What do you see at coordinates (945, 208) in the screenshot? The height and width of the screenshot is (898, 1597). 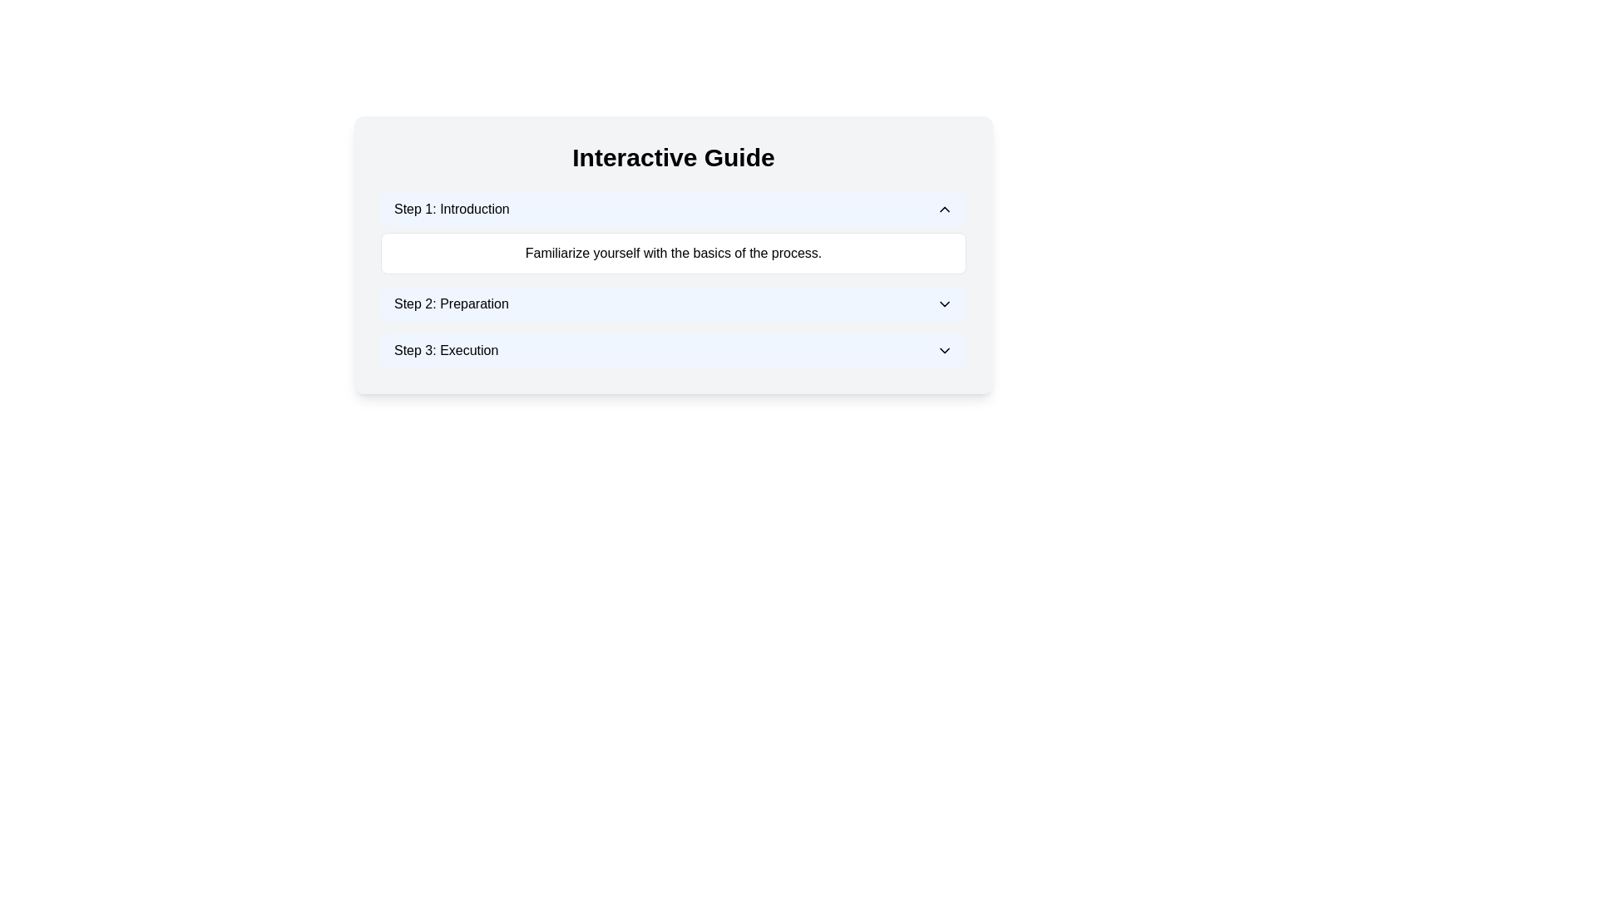 I see `the small upward-pointing chevron icon on the right side of the header labeled 'Step 1: Introduction'` at bounding box center [945, 208].